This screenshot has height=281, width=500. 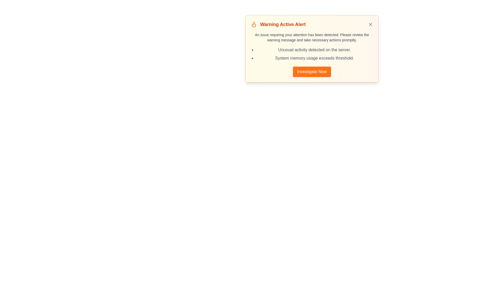 I want to click on 'Investigate Now' button to proceed with the investigation, so click(x=312, y=72).